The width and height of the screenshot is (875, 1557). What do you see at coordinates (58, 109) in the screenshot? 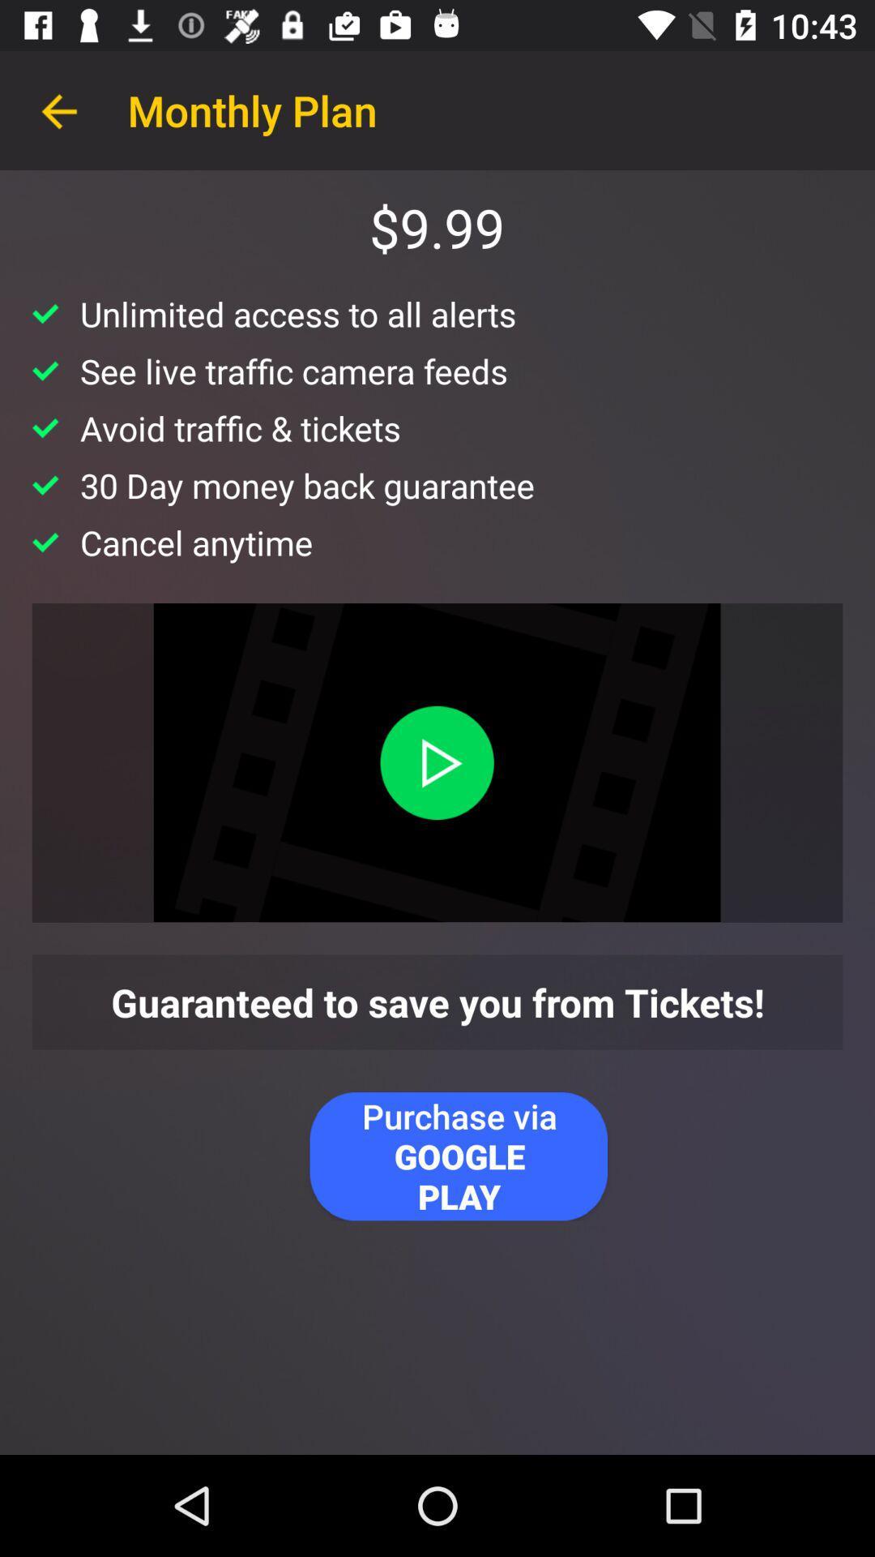
I see `item next to monthly plan item` at bounding box center [58, 109].